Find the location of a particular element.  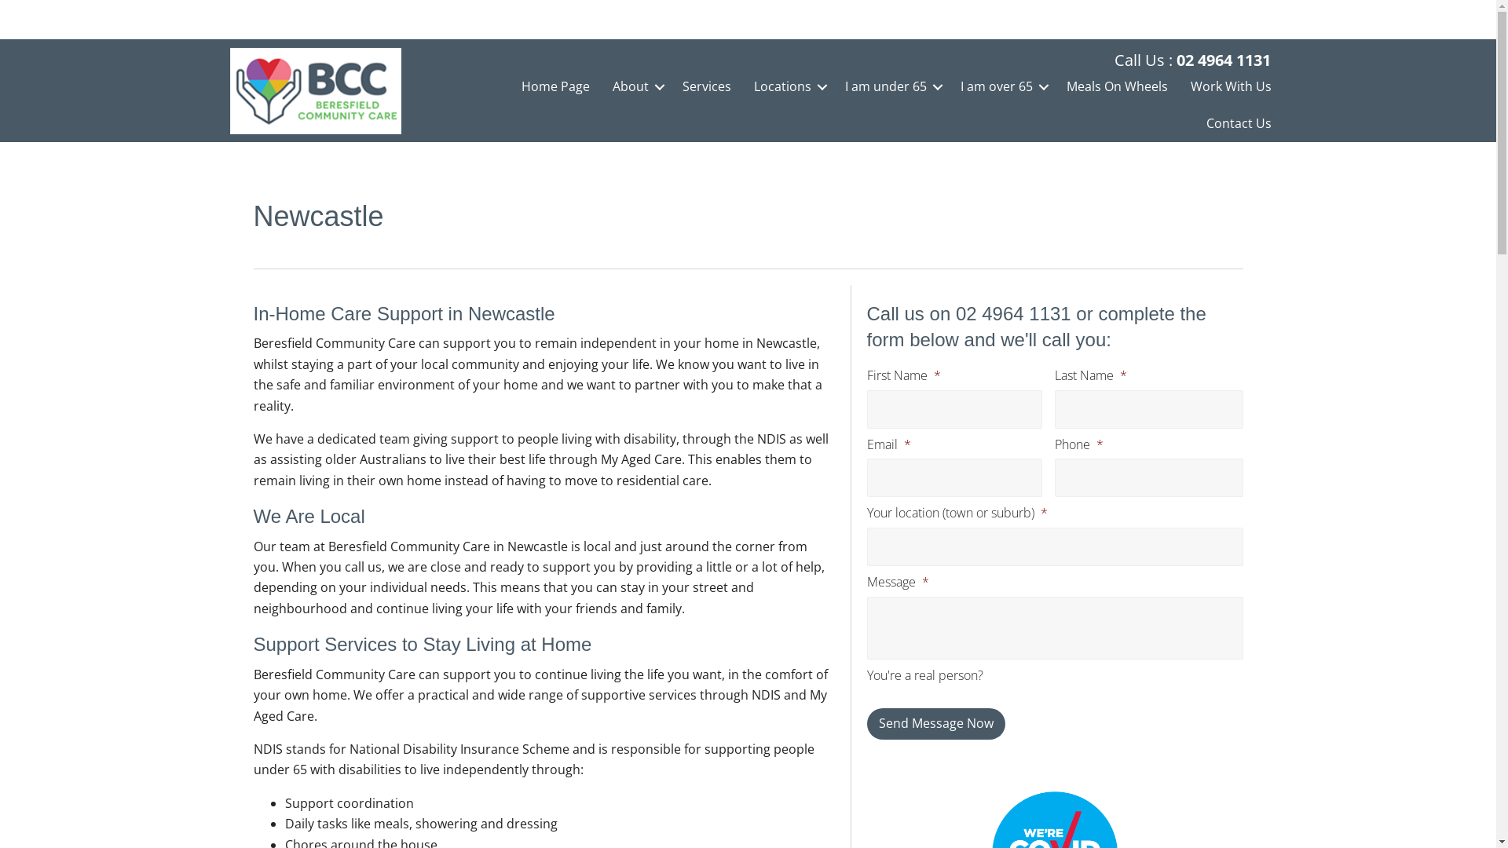

'Locations' is located at coordinates (788, 86).